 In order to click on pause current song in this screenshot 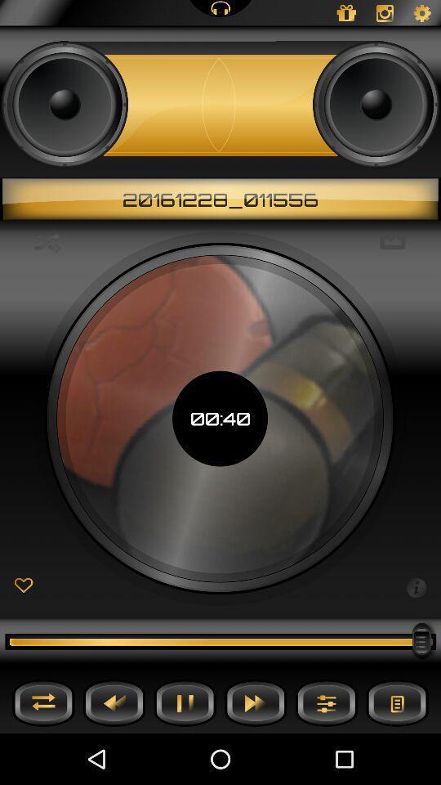, I will do `click(184, 702)`.